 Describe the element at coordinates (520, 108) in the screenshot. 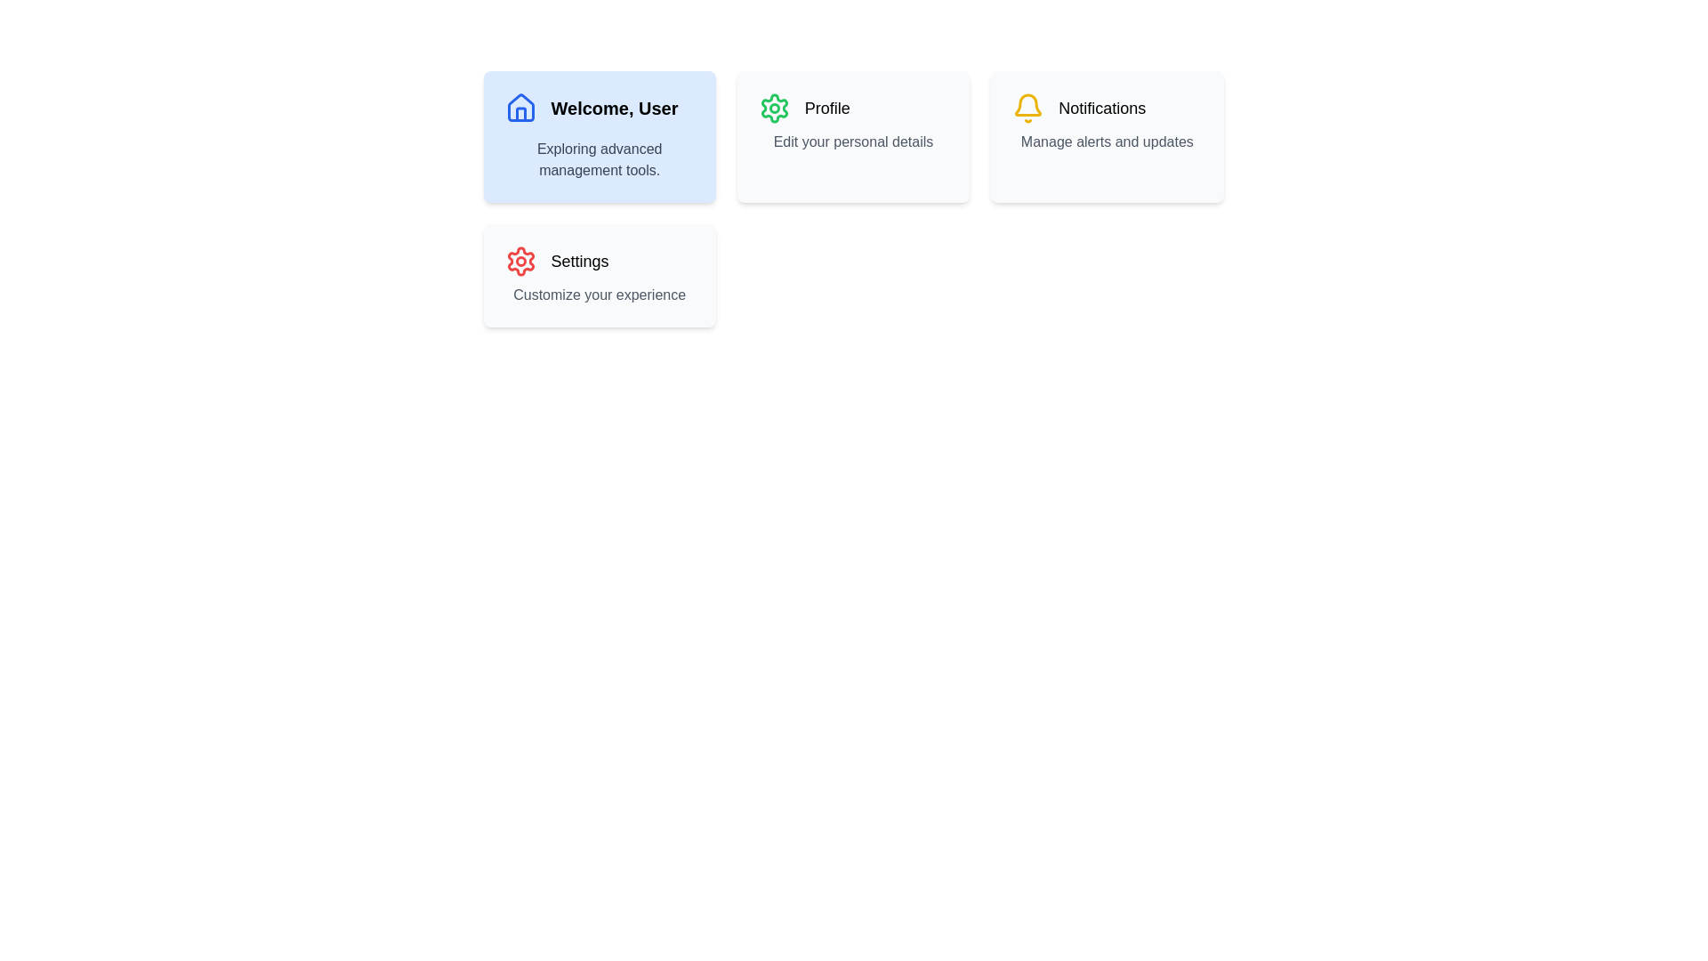

I see `the home icon within the 'Welcome, User' section on the left side of the interface for additional context` at that location.